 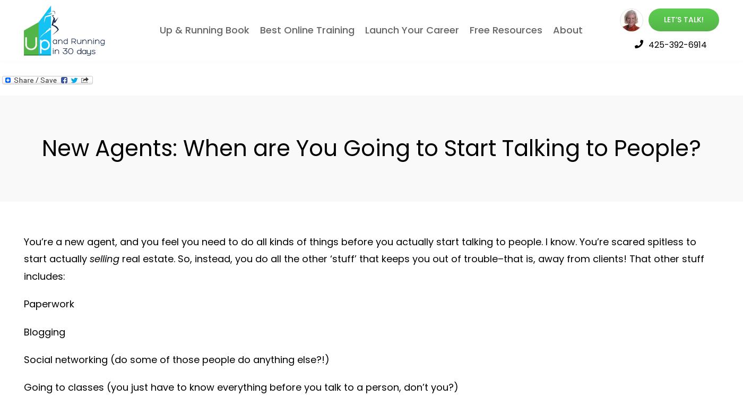 What do you see at coordinates (506, 29) in the screenshot?
I see `'Free Resources'` at bounding box center [506, 29].